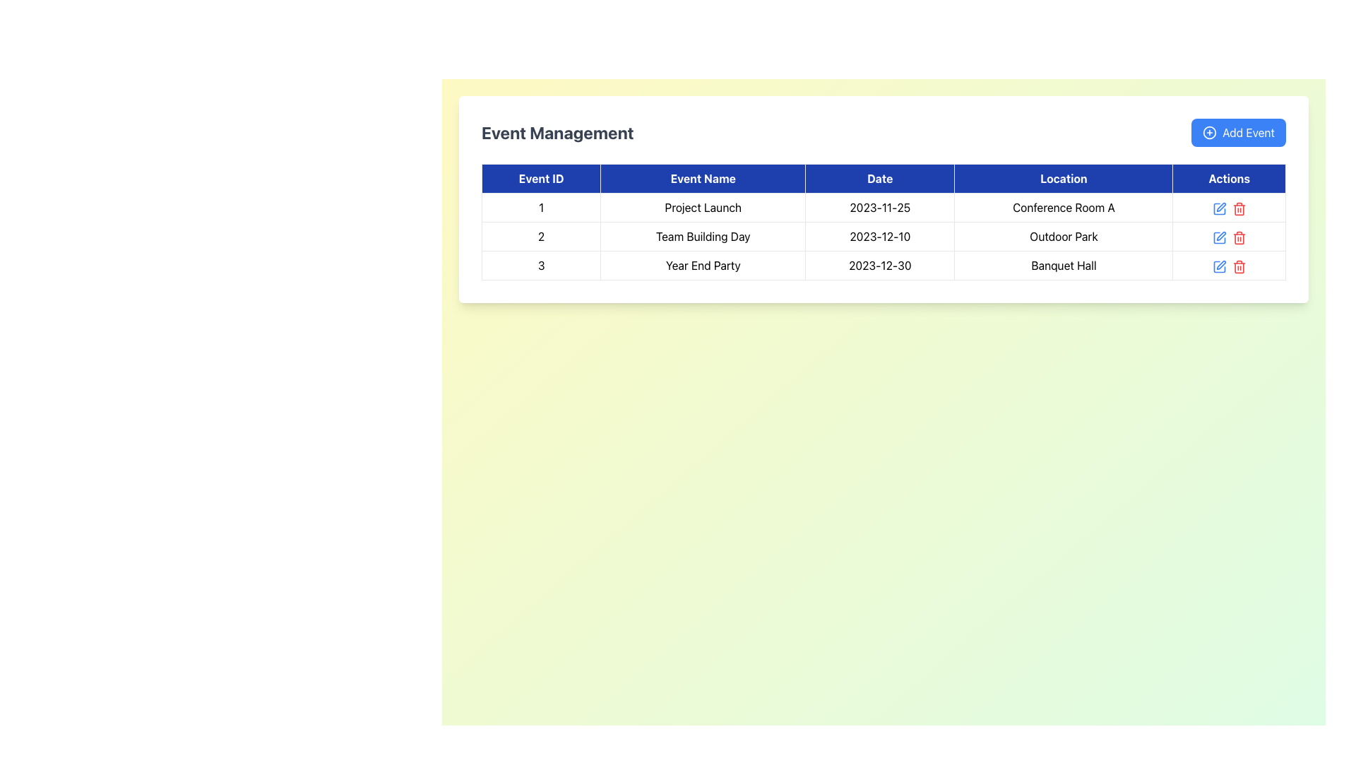  I want to click on the red trash can icon button located in the 'Actions' column of the 'Year End Party' event row to invoke the delete function, so click(1238, 208).